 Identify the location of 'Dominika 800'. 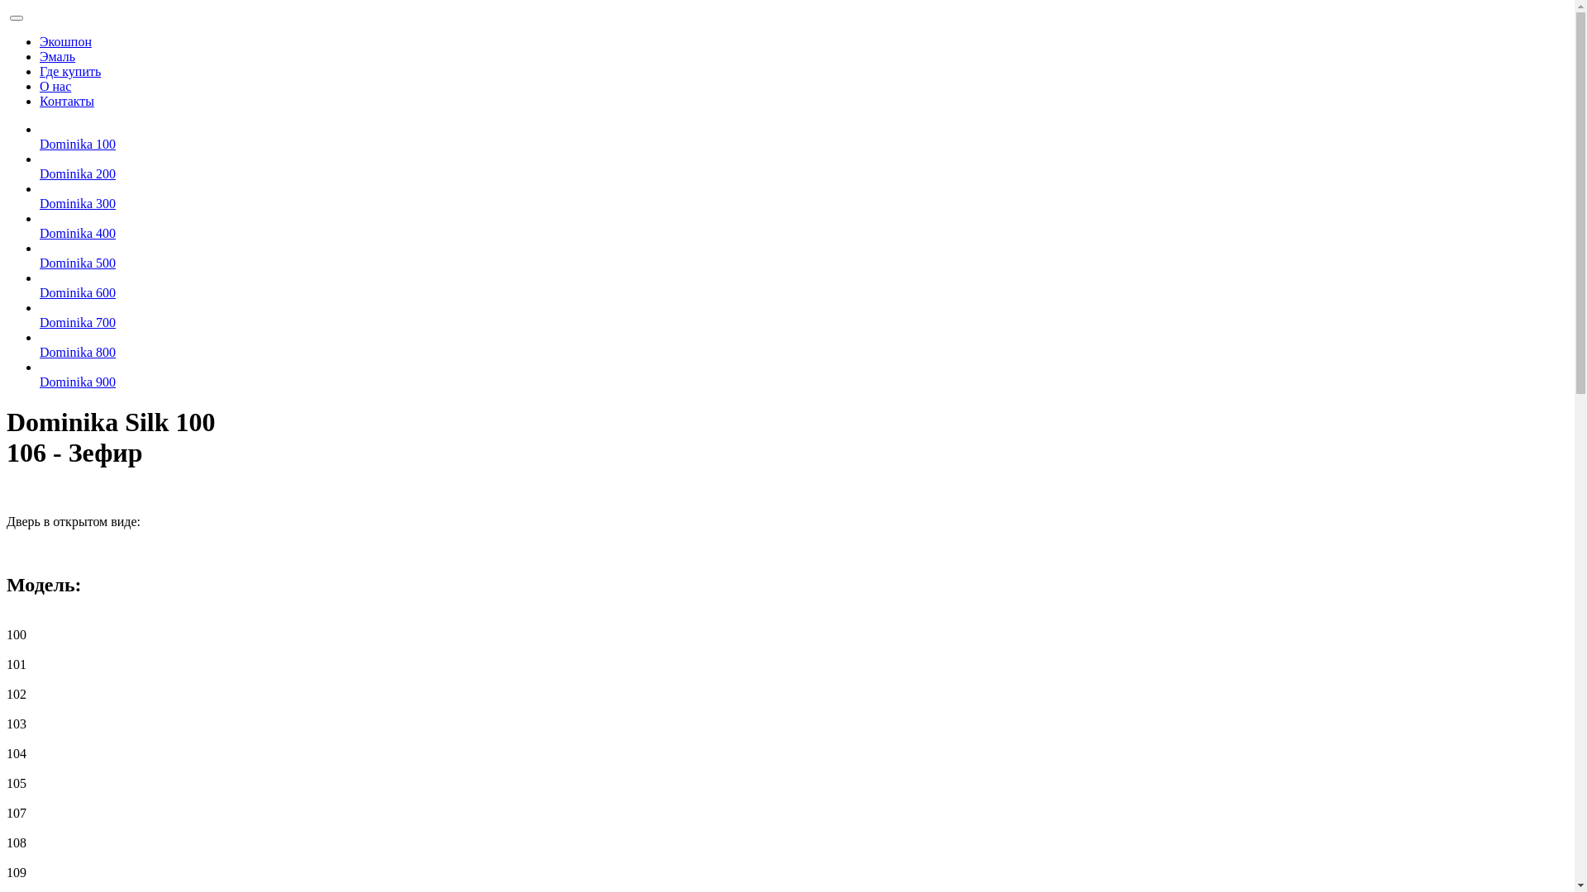
(40, 351).